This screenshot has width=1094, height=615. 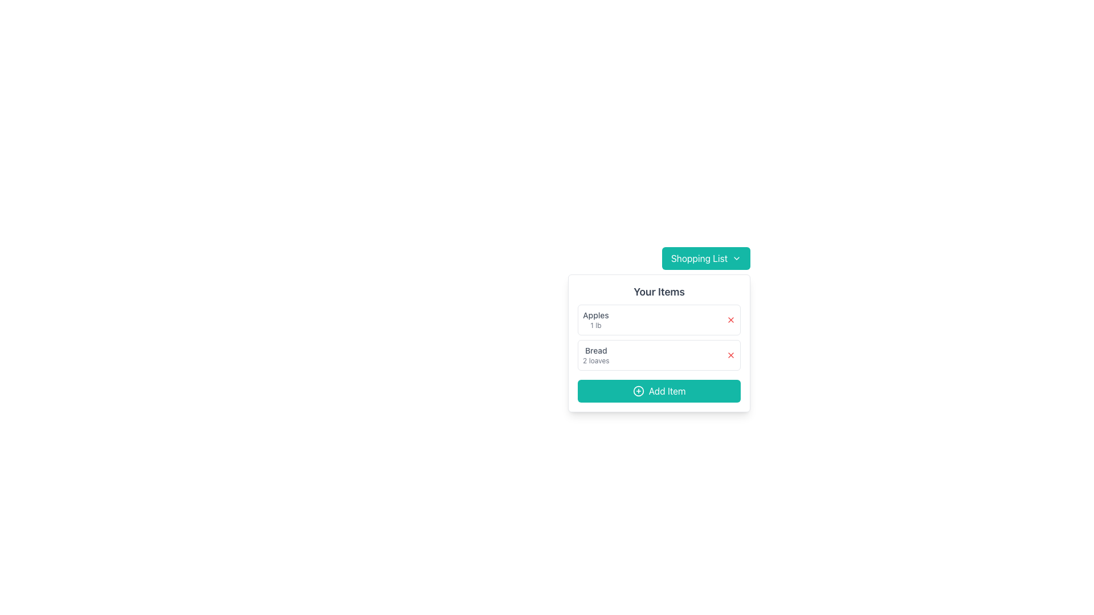 What do you see at coordinates (638, 390) in the screenshot?
I see `the 'Add Item' icon located to the left of the text within the 'Add Item' button, which visually indicates its function to add items` at bounding box center [638, 390].